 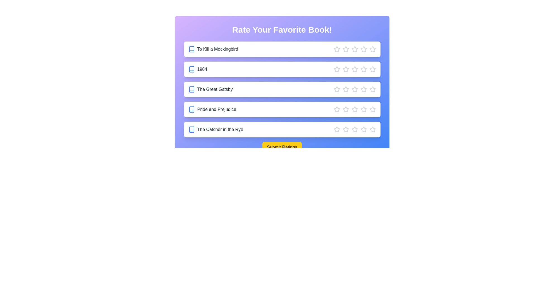 What do you see at coordinates (363, 130) in the screenshot?
I see `the star corresponding to 4 stars for the book The Catcher in the Rye` at bounding box center [363, 130].